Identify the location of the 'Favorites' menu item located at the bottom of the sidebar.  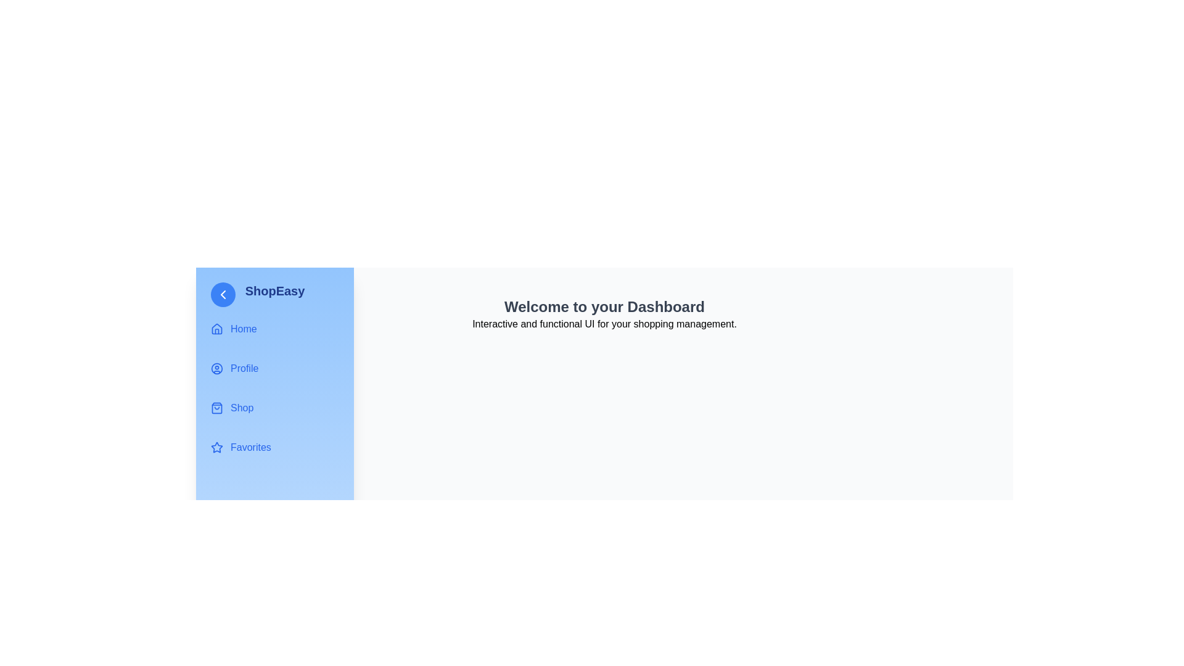
(274, 447).